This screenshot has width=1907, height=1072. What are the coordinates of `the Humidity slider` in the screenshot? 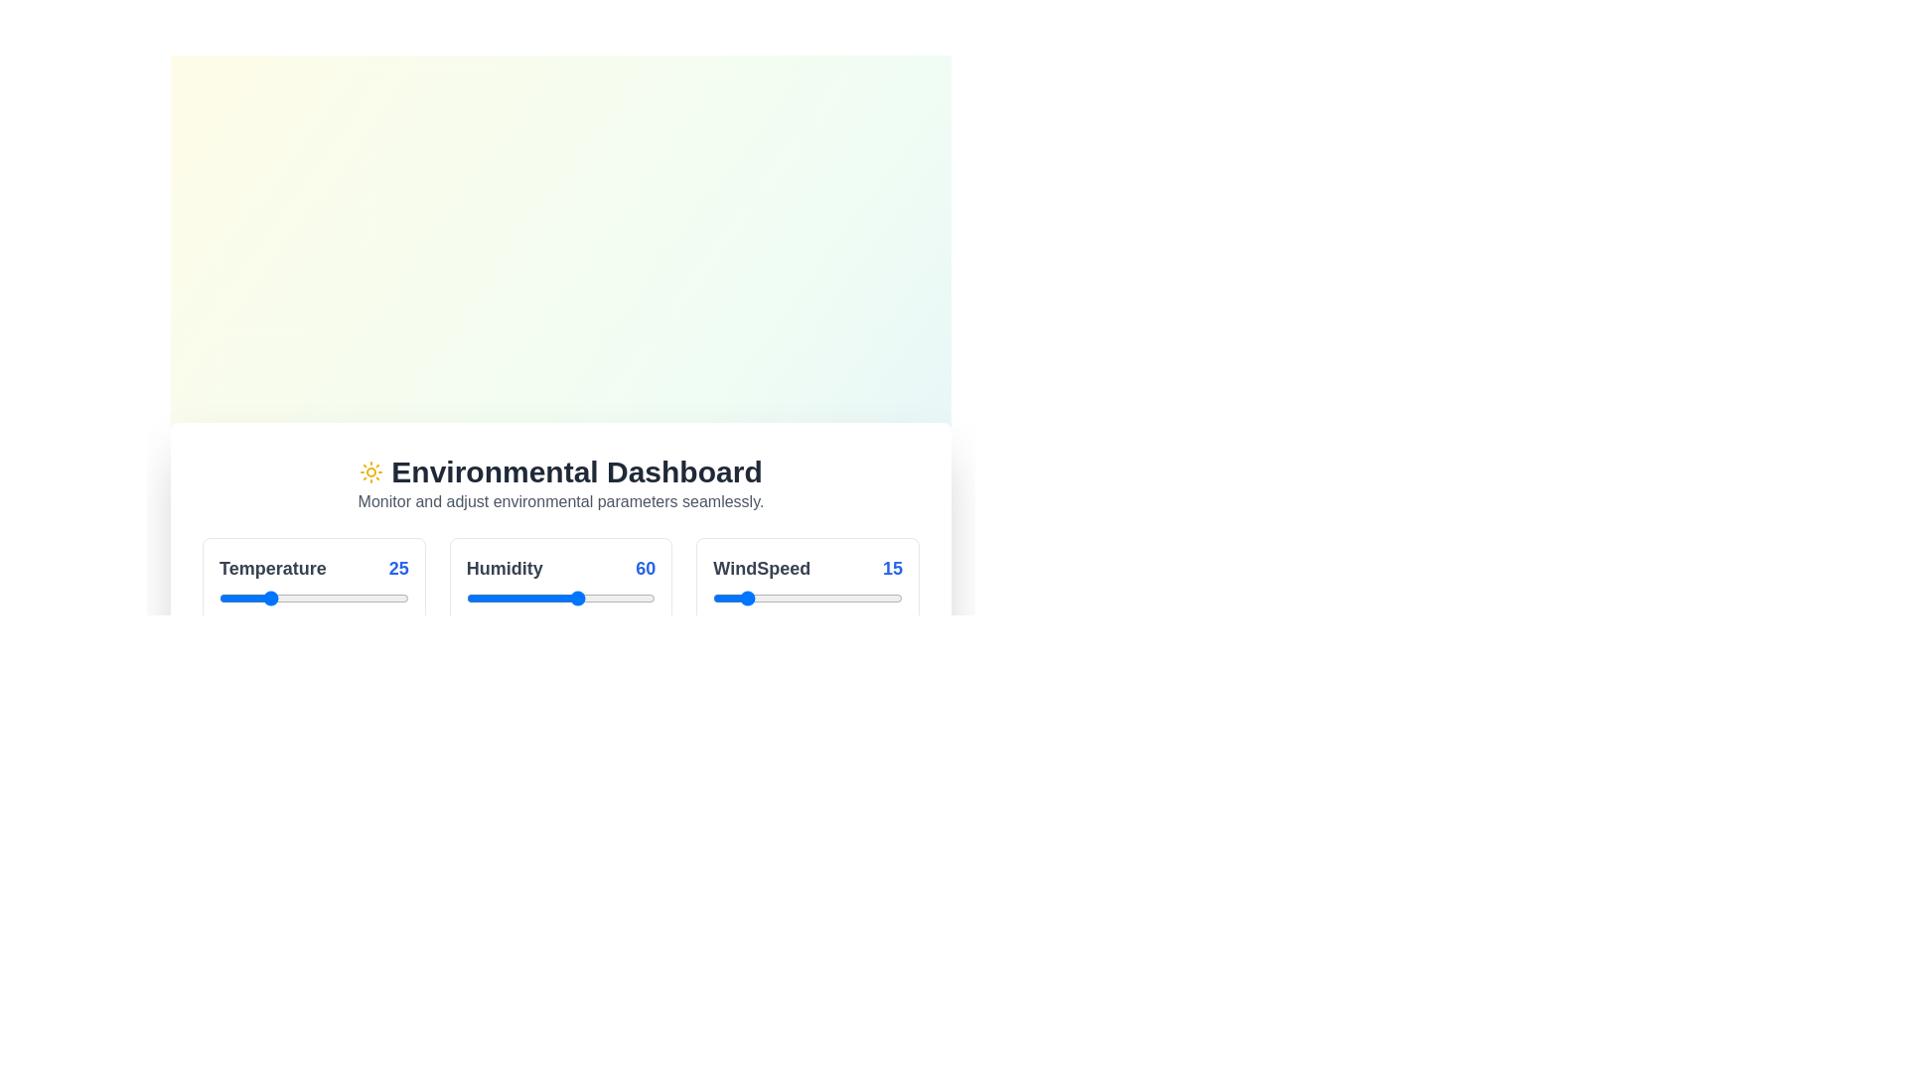 It's located at (475, 597).